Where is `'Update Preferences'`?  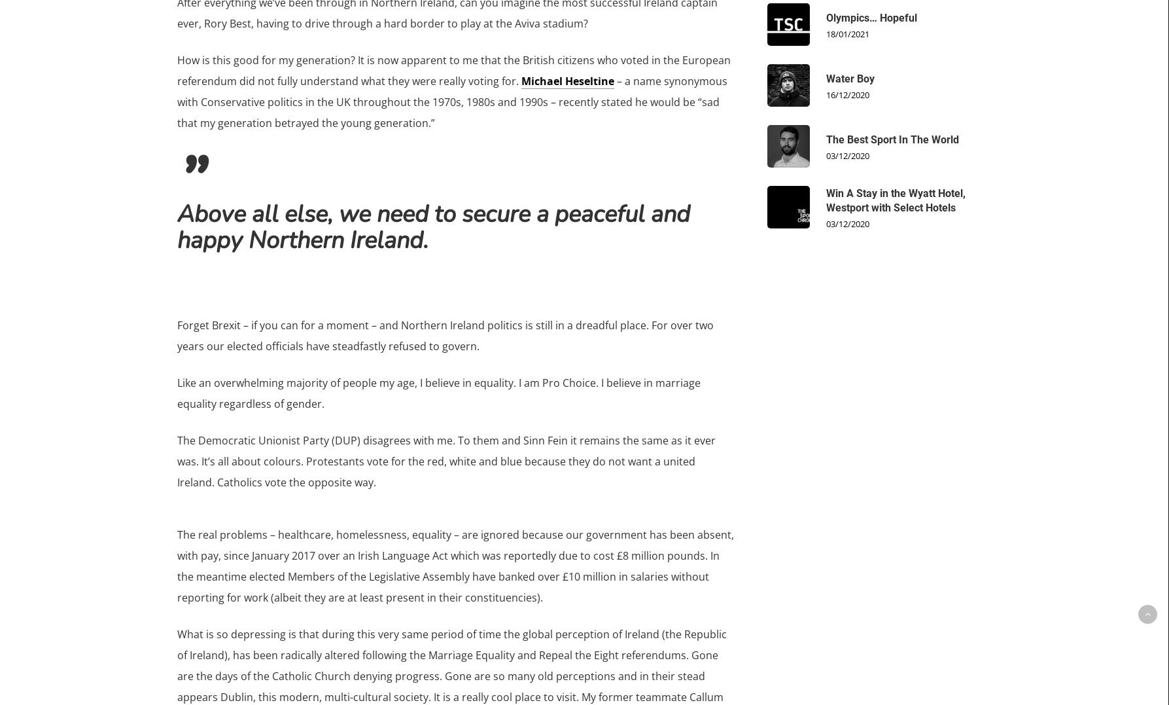
'Update Preferences' is located at coordinates (500, 479).